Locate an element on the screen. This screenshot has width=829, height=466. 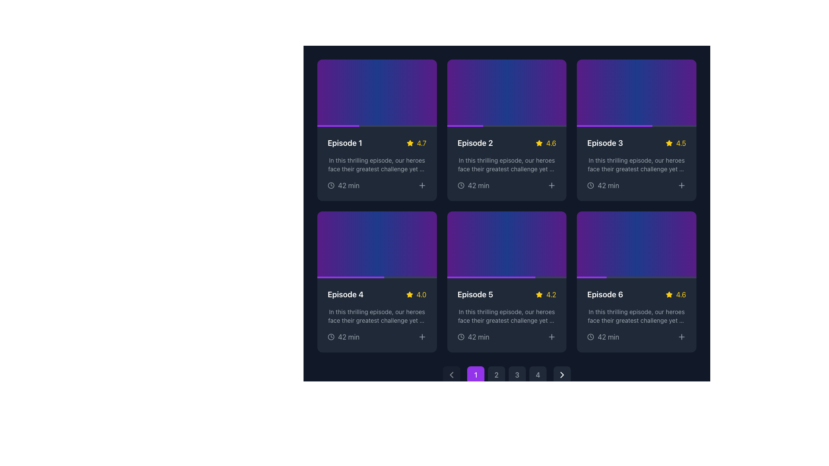
the right-pointing chevron icon in the pagination controls is located at coordinates (562, 374).